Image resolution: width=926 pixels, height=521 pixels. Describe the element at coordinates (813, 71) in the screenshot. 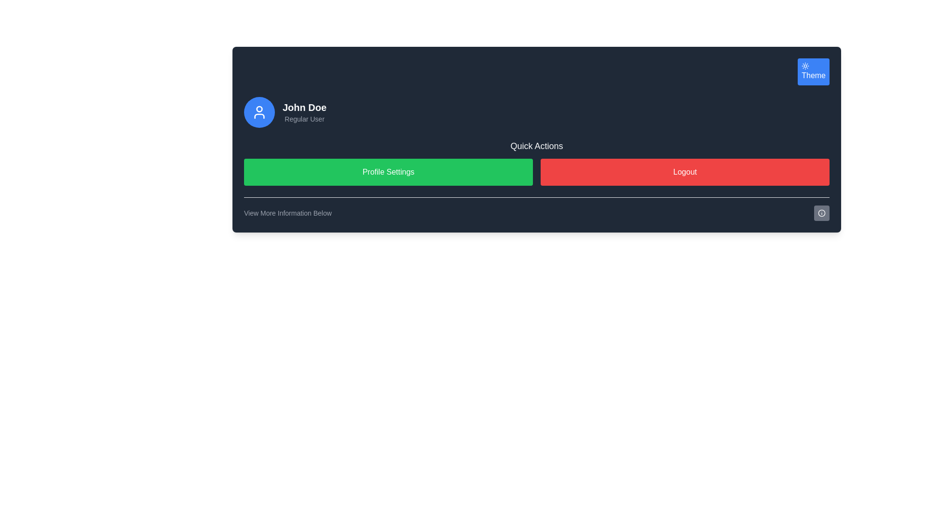

I see `the theme toggle button located at the top-right corner of the user profile section` at that location.